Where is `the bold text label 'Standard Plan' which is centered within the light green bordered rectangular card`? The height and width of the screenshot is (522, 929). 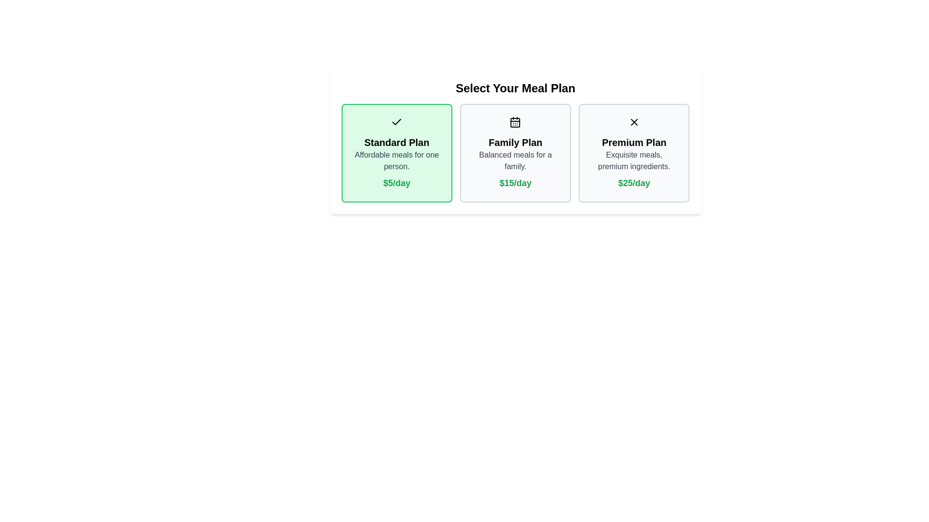
the bold text label 'Standard Plan' which is centered within the light green bordered rectangular card is located at coordinates (397, 142).